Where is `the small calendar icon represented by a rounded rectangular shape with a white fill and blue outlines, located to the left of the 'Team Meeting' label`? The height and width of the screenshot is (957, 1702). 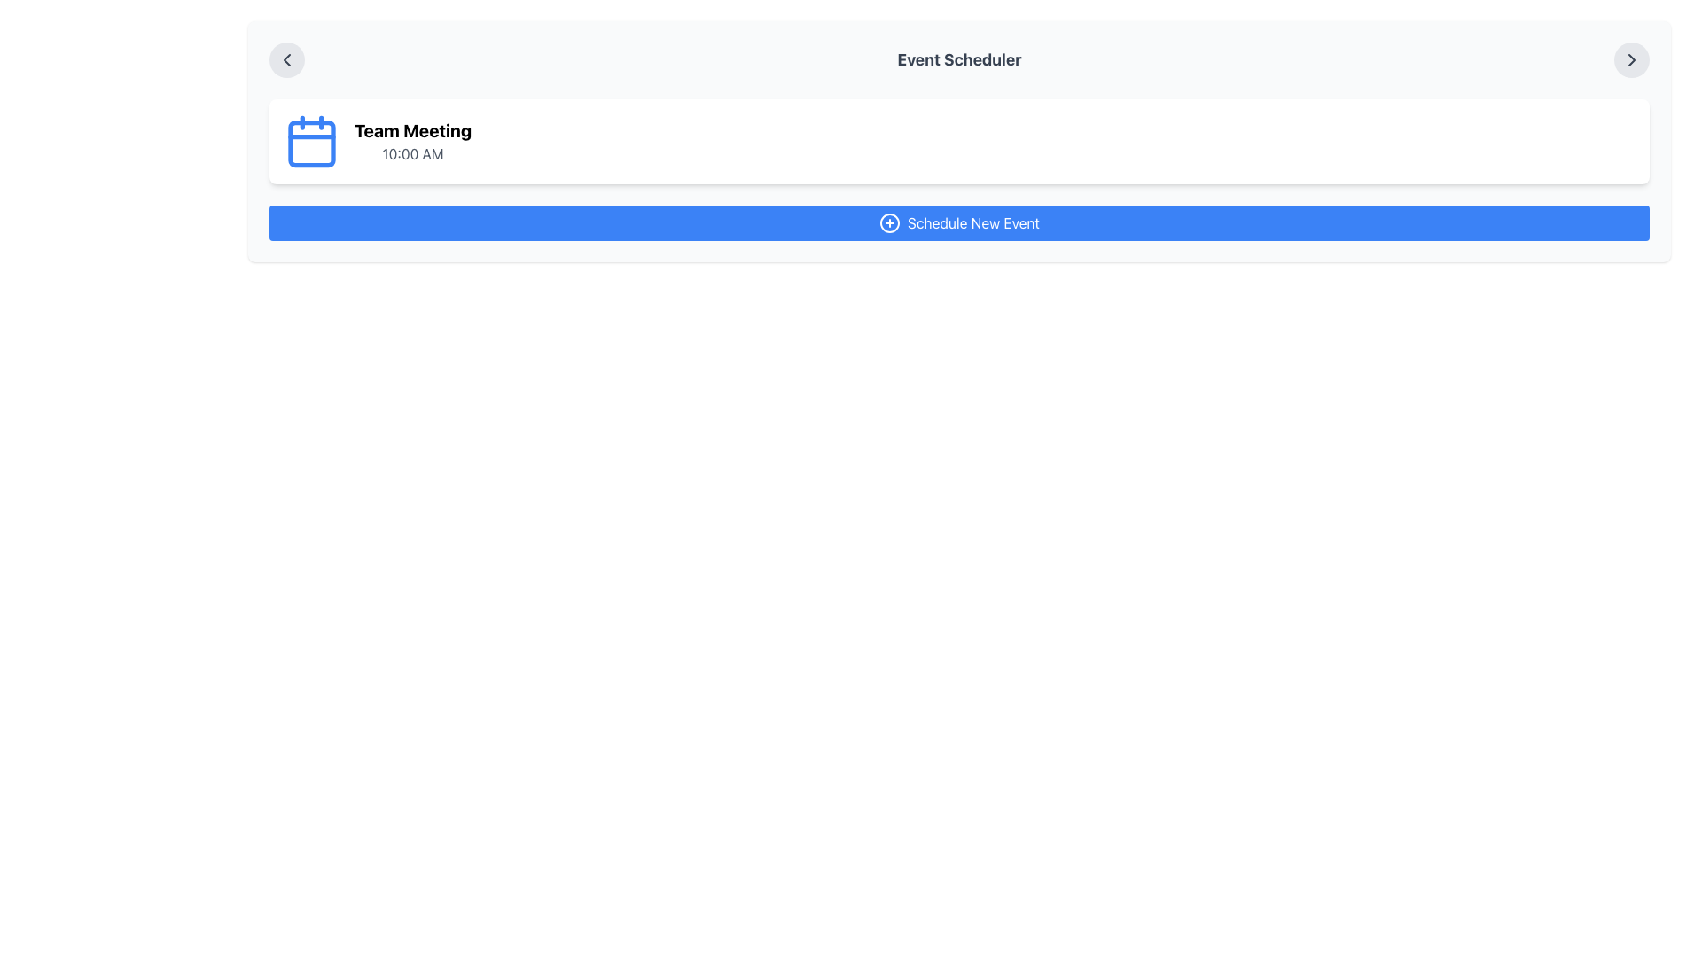
the small calendar icon represented by a rounded rectangular shape with a white fill and blue outlines, located to the left of the 'Team Meeting' label is located at coordinates (311, 143).